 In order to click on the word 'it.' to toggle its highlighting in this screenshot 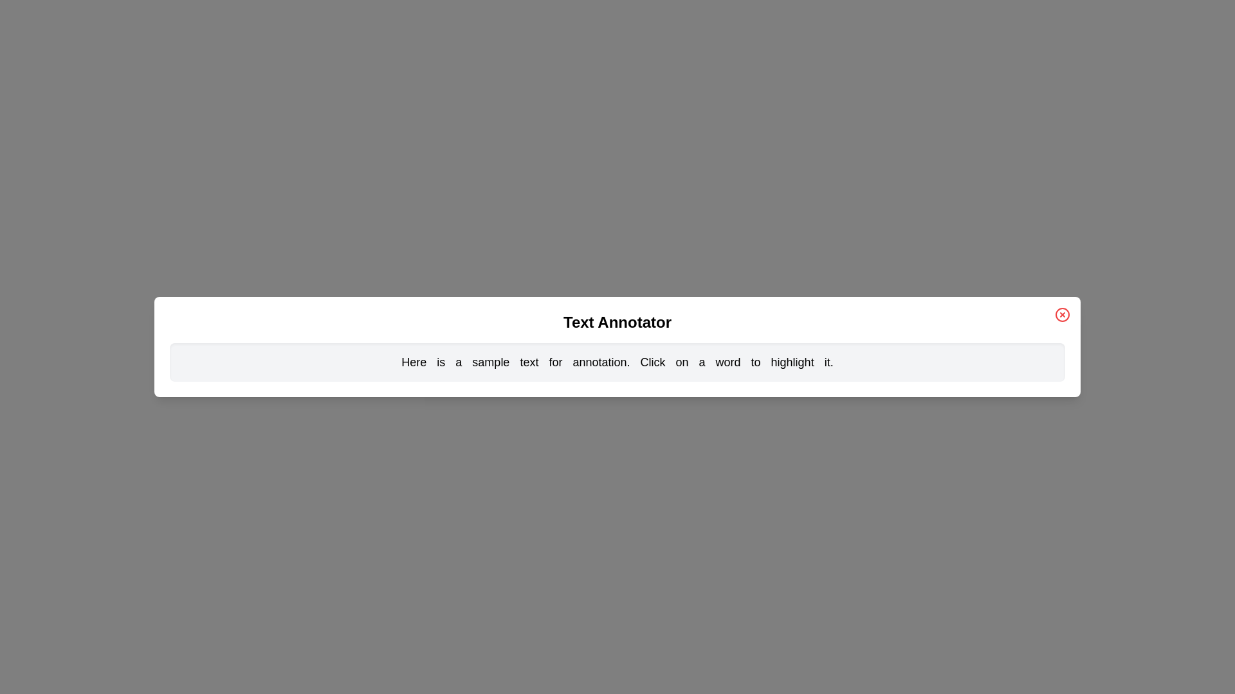, I will do `click(828, 362)`.